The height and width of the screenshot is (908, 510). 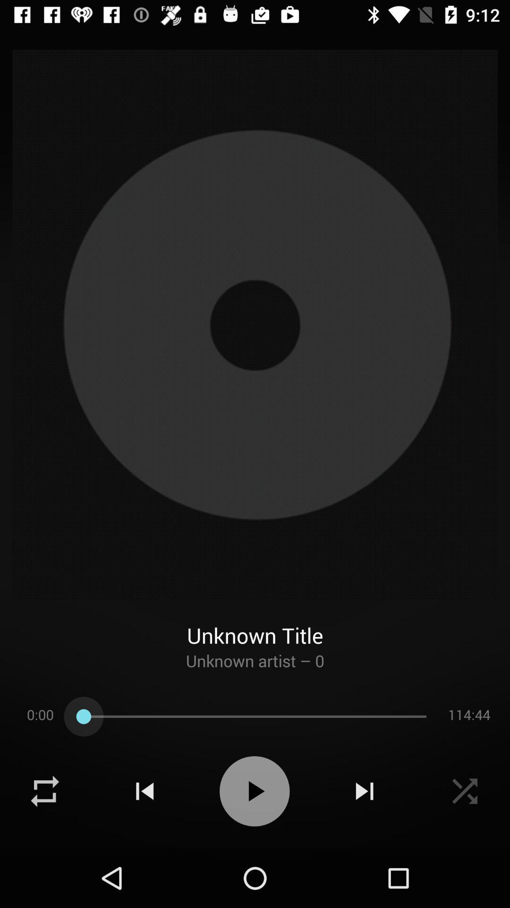 I want to click on switch autoplay option, so click(x=254, y=791).